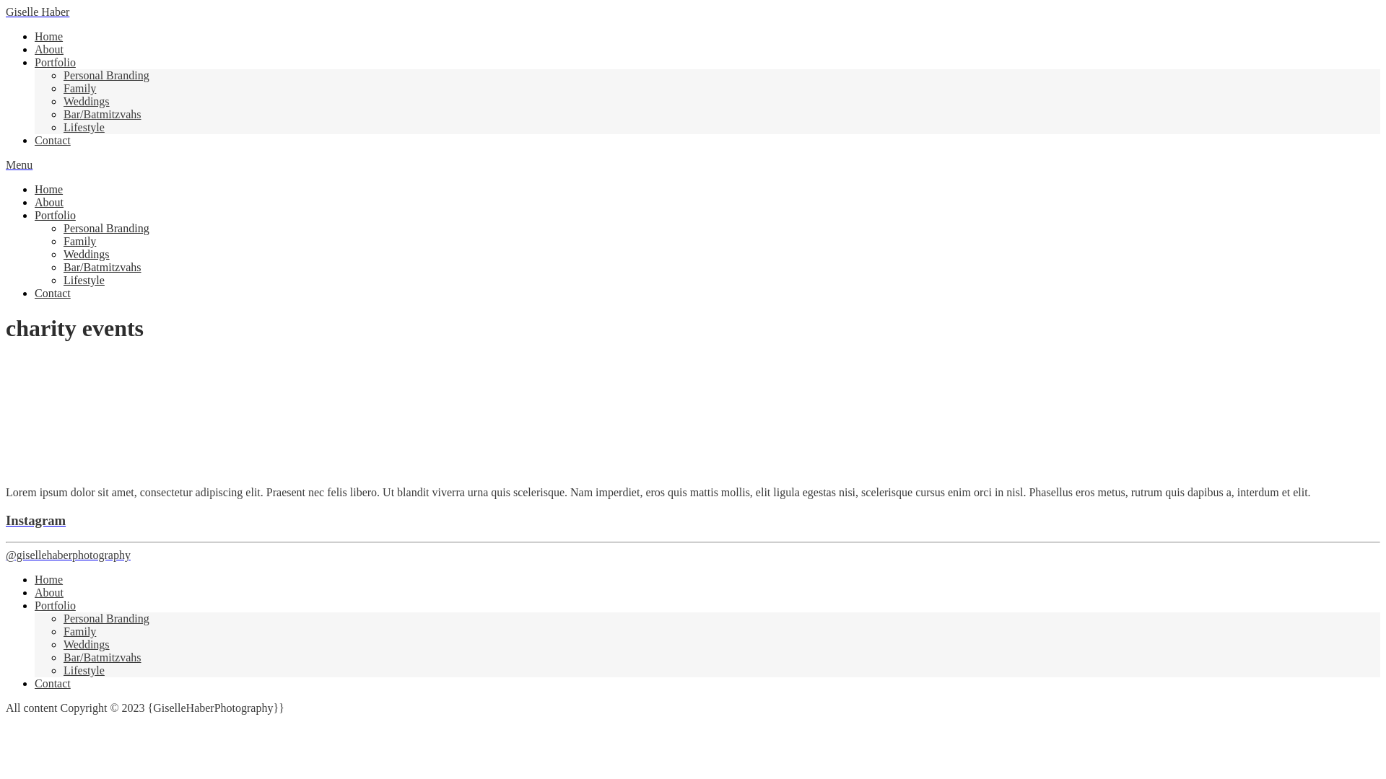 This screenshot has width=1386, height=779. Describe the element at coordinates (55, 605) in the screenshot. I see `'Portfolio'` at that location.